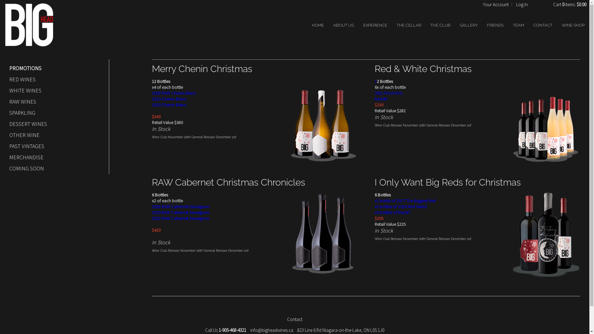 The width and height of the screenshot is (594, 334). What do you see at coordinates (409, 25) in the screenshot?
I see `'THE CELLAR'` at bounding box center [409, 25].